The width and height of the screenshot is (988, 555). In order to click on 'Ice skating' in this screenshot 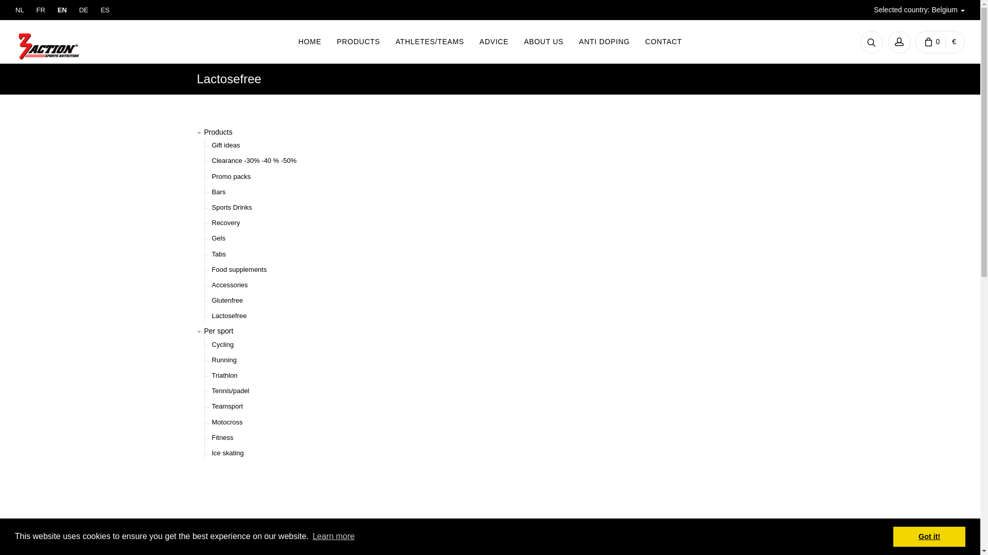, I will do `click(227, 452)`.